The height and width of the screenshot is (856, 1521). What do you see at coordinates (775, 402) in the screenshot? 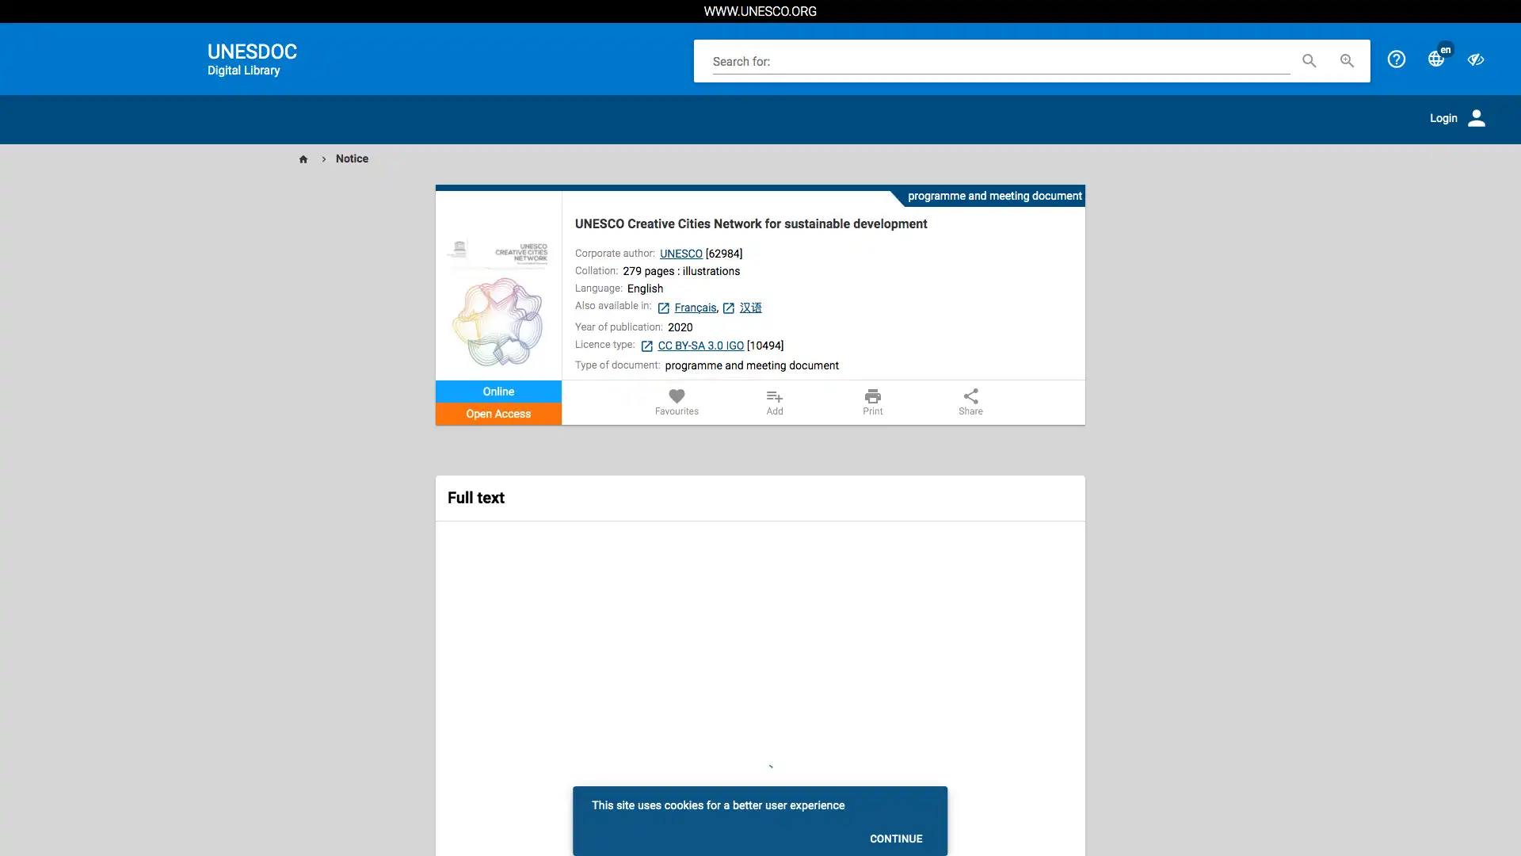
I see `Add` at bounding box center [775, 402].